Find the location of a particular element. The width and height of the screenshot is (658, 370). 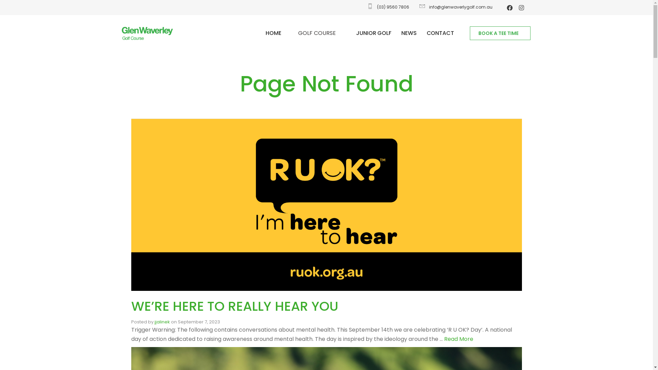

'CONTACT' is located at coordinates (440, 33).